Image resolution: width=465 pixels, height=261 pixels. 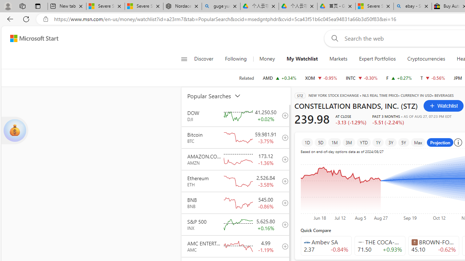 What do you see at coordinates (433, 78) in the screenshot?
I see `'T AT&T INC. decrease 19.65 -0.11 -0.56%'` at bounding box center [433, 78].